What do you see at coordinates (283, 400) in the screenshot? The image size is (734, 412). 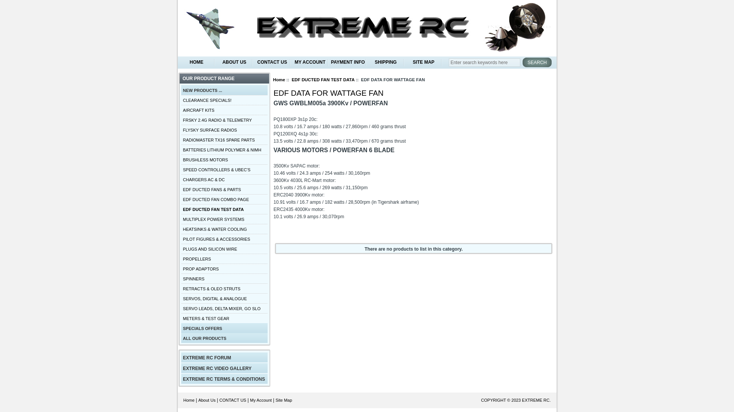 I see `'Site Map'` at bounding box center [283, 400].